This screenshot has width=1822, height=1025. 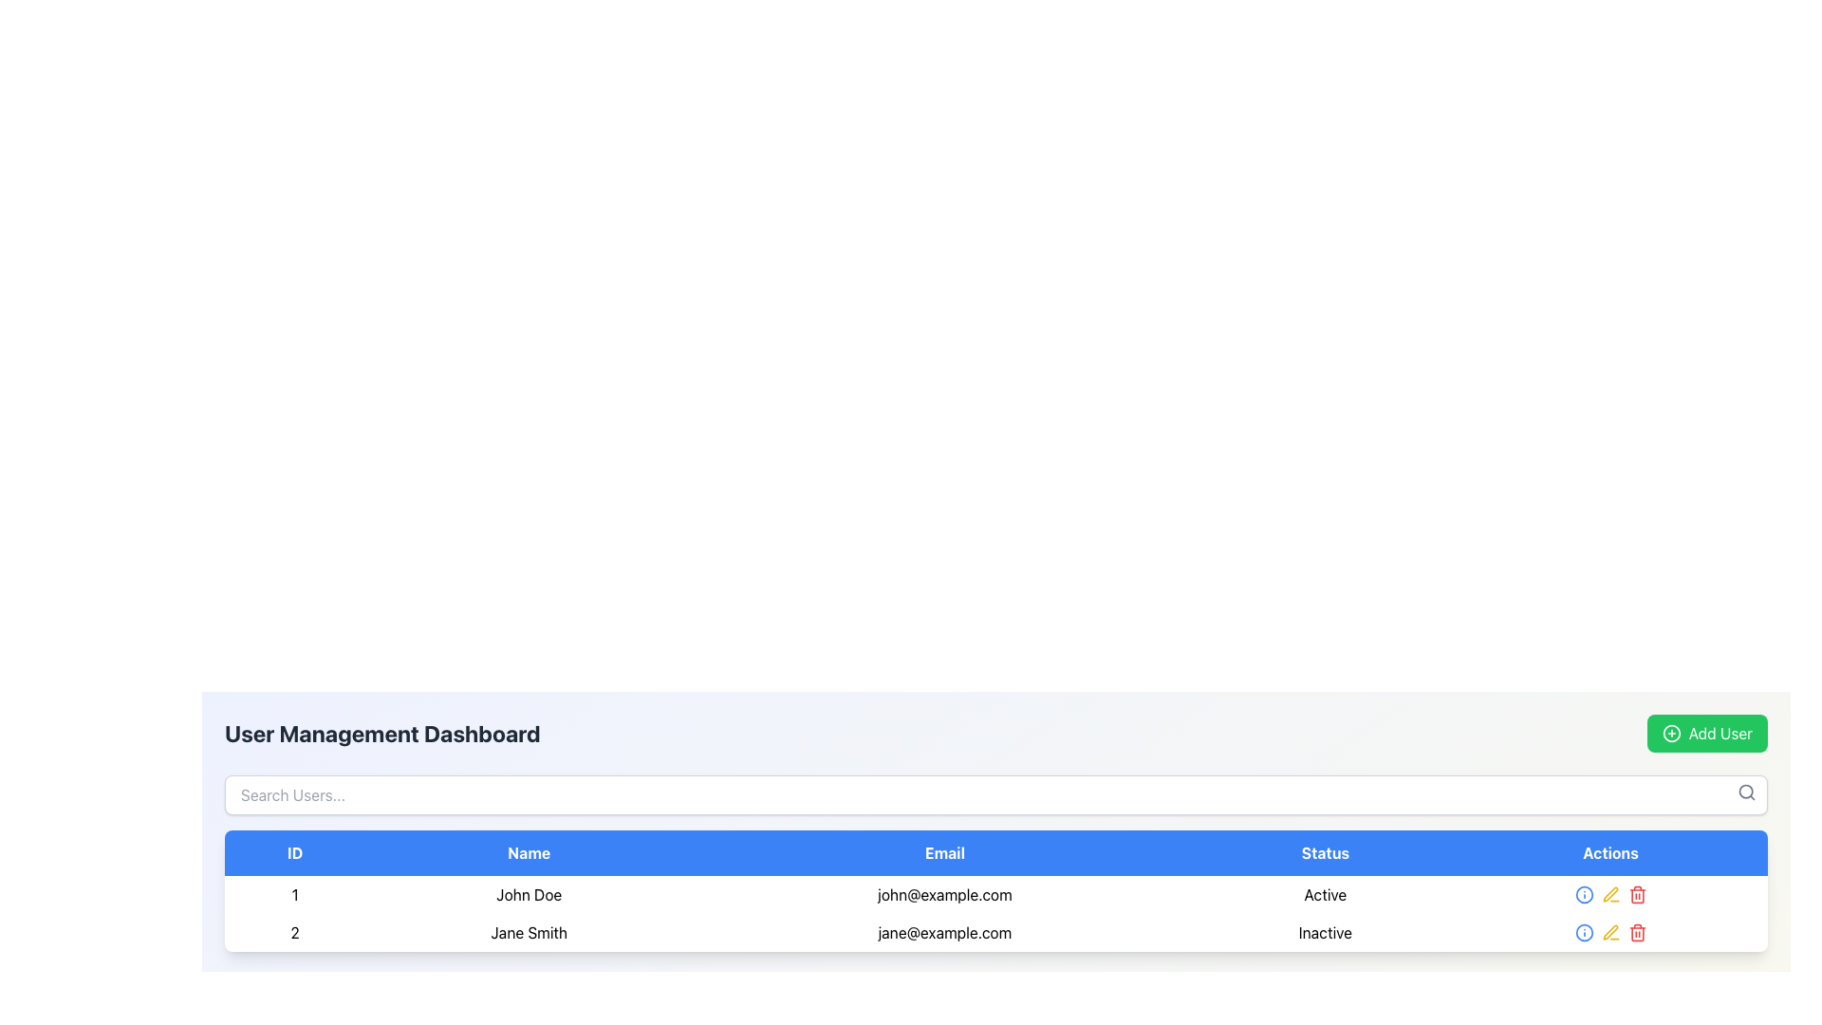 What do you see at coordinates (529, 851) in the screenshot?
I see `the text label reading 'Name' which is styled with a white font on a blue background and is centrally aligned within the header row of a table` at bounding box center [529, 851].